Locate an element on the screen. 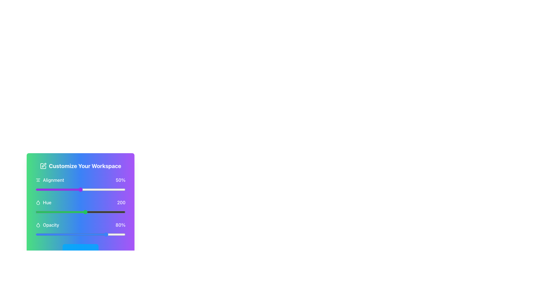  the alignment percentage is located at coordinates (51, 189).